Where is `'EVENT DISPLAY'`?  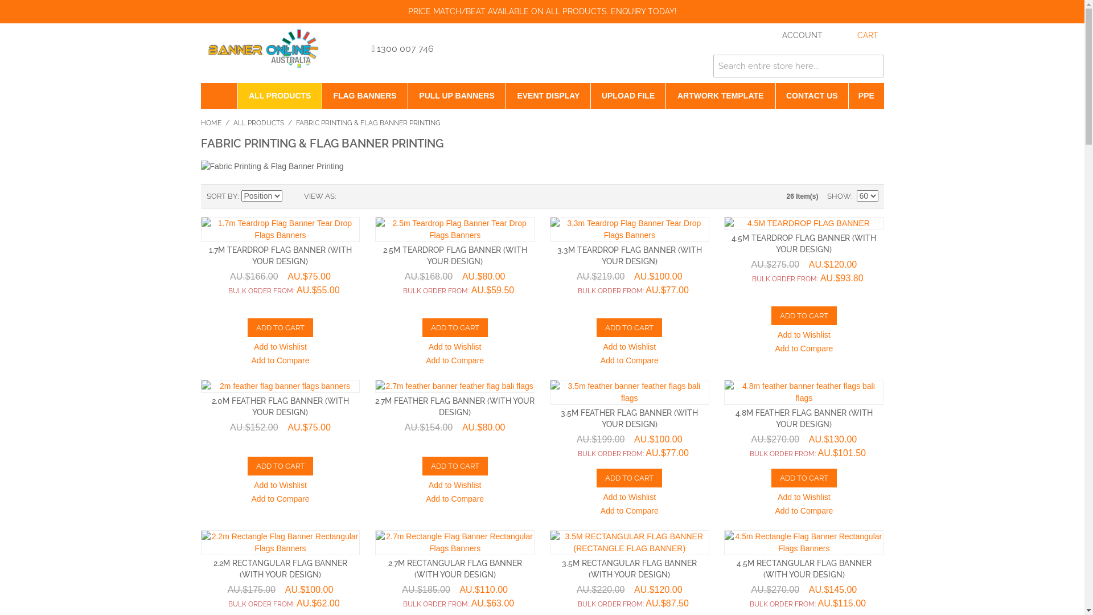 'EVENT DISPLAY' is located at coordinates (548, 95).